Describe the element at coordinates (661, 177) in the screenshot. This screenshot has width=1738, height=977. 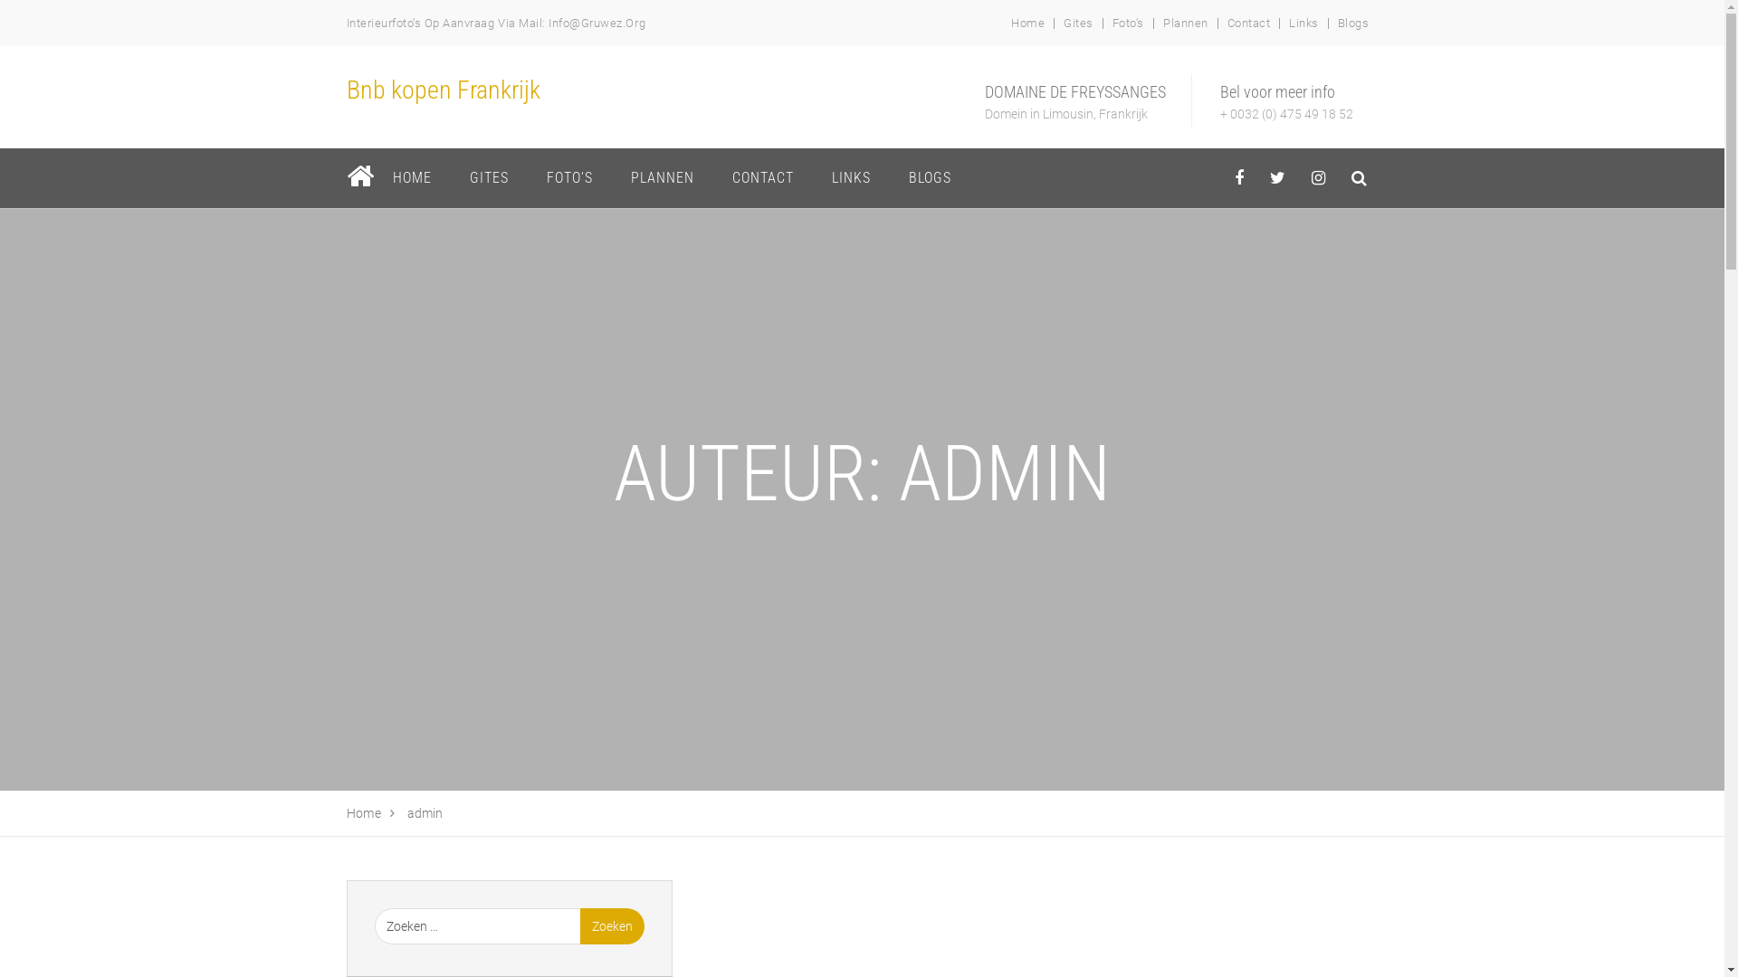
I see `'PLANNEN'` at that location.